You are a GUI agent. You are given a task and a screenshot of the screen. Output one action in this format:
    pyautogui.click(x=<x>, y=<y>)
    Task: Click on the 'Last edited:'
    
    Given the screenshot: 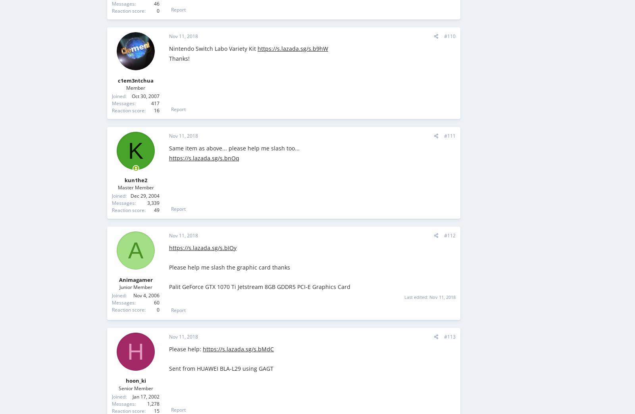 What is the action you would take?
    pyautogui.click(x=417, y=297)
    